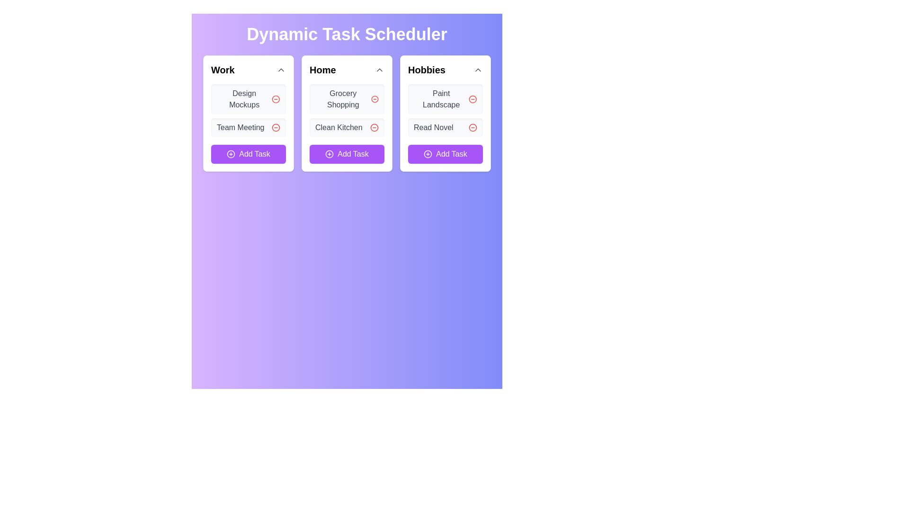 Image resolution: width=909 pixels, height=511 pixels. What do you see at coordinates (374, 99) in the screenshot?
I see `the clickable icon button next to 'Grocery Shopping'` at bounding box center [374, 99].